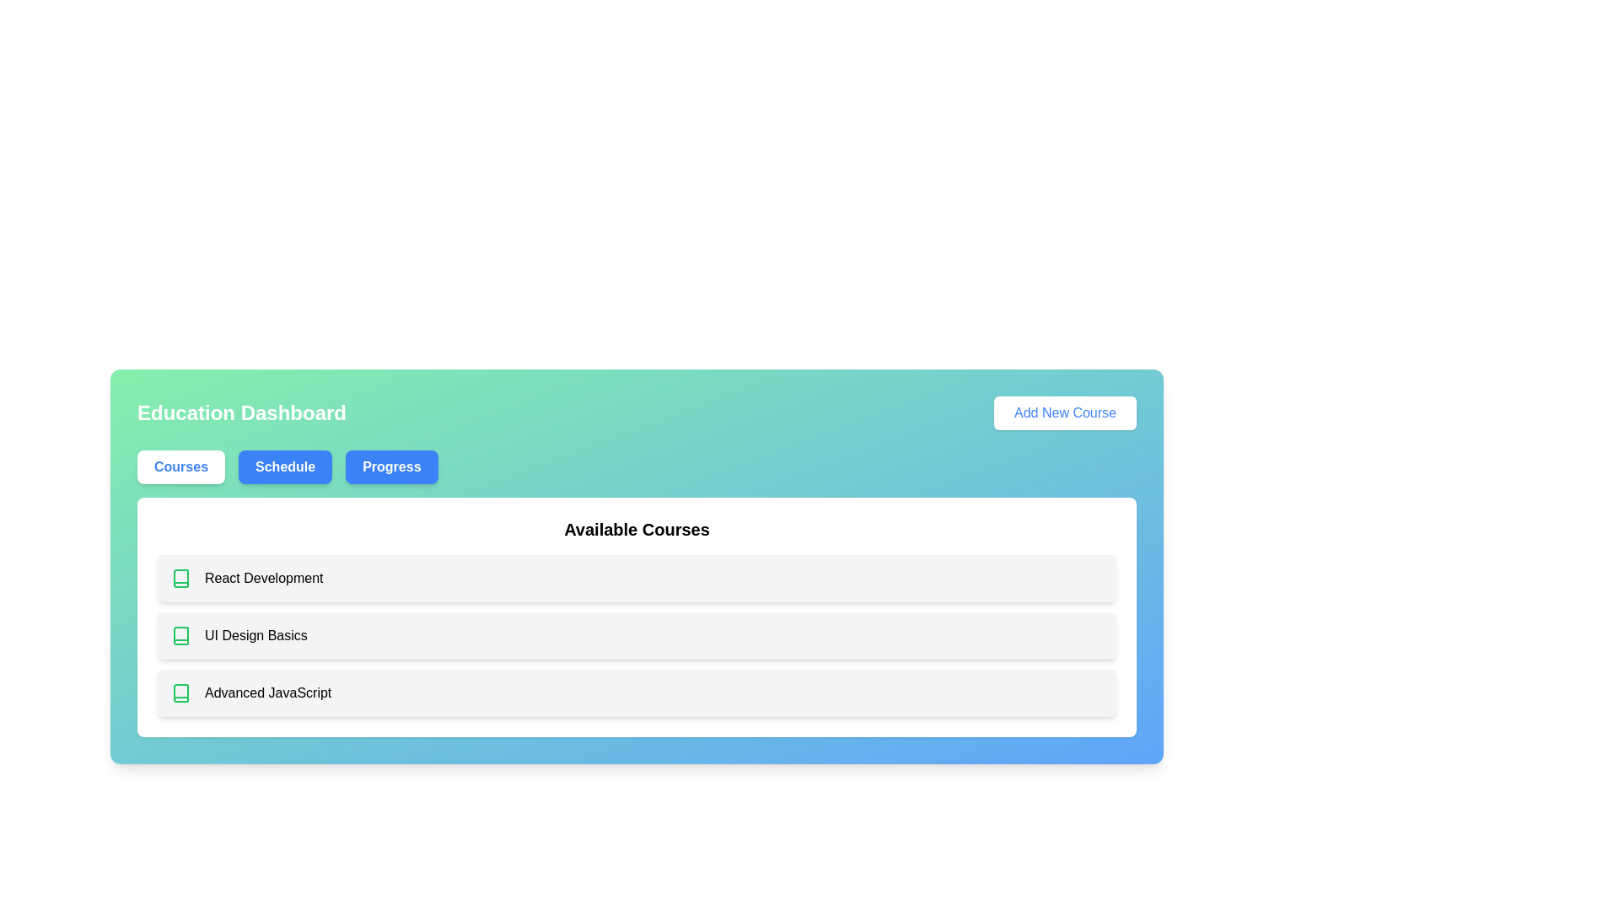  I want to click on the button in the top-right corner of the main educational dashboard to initiate the 'Add New Course' action, so click(1064, 412).